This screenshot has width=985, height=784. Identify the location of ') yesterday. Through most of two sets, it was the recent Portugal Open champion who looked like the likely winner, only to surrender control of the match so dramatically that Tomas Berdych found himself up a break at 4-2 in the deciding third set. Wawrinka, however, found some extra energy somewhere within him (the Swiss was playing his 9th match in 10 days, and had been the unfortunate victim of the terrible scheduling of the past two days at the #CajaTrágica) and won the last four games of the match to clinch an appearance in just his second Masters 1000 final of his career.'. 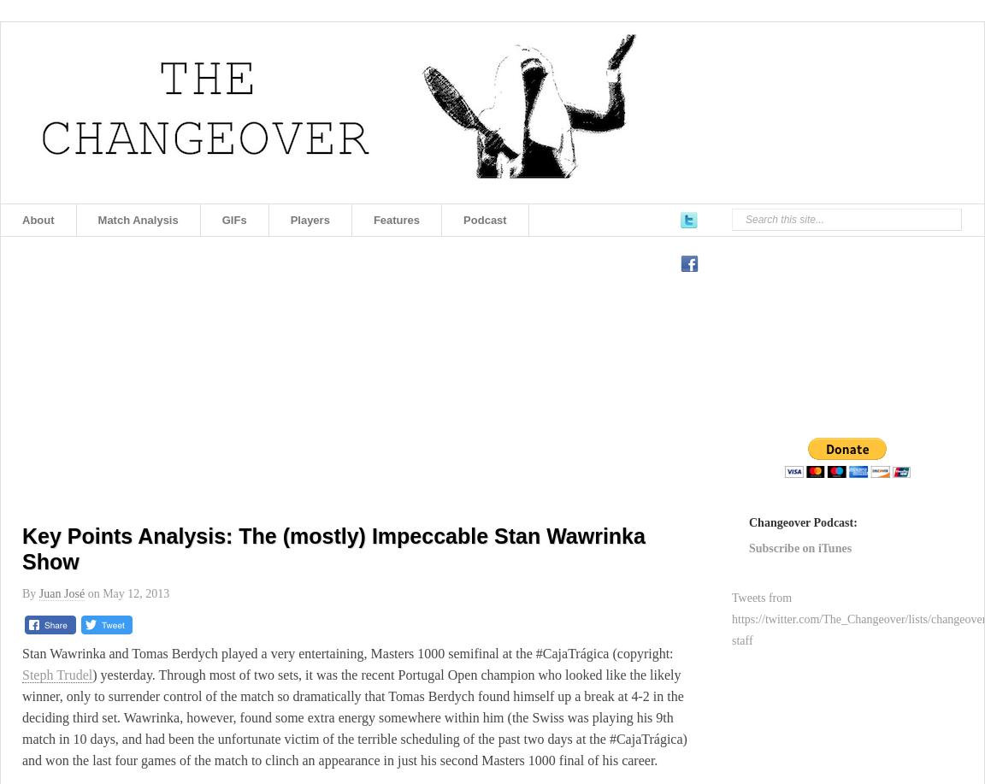
(353, 717).